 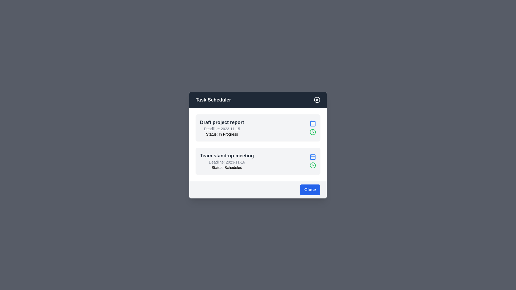 What do you see at coordinates (313, 132) in the screenshot?
I see `the clock icon for the task identified by Draft project report` at bounding box center [313, 132].